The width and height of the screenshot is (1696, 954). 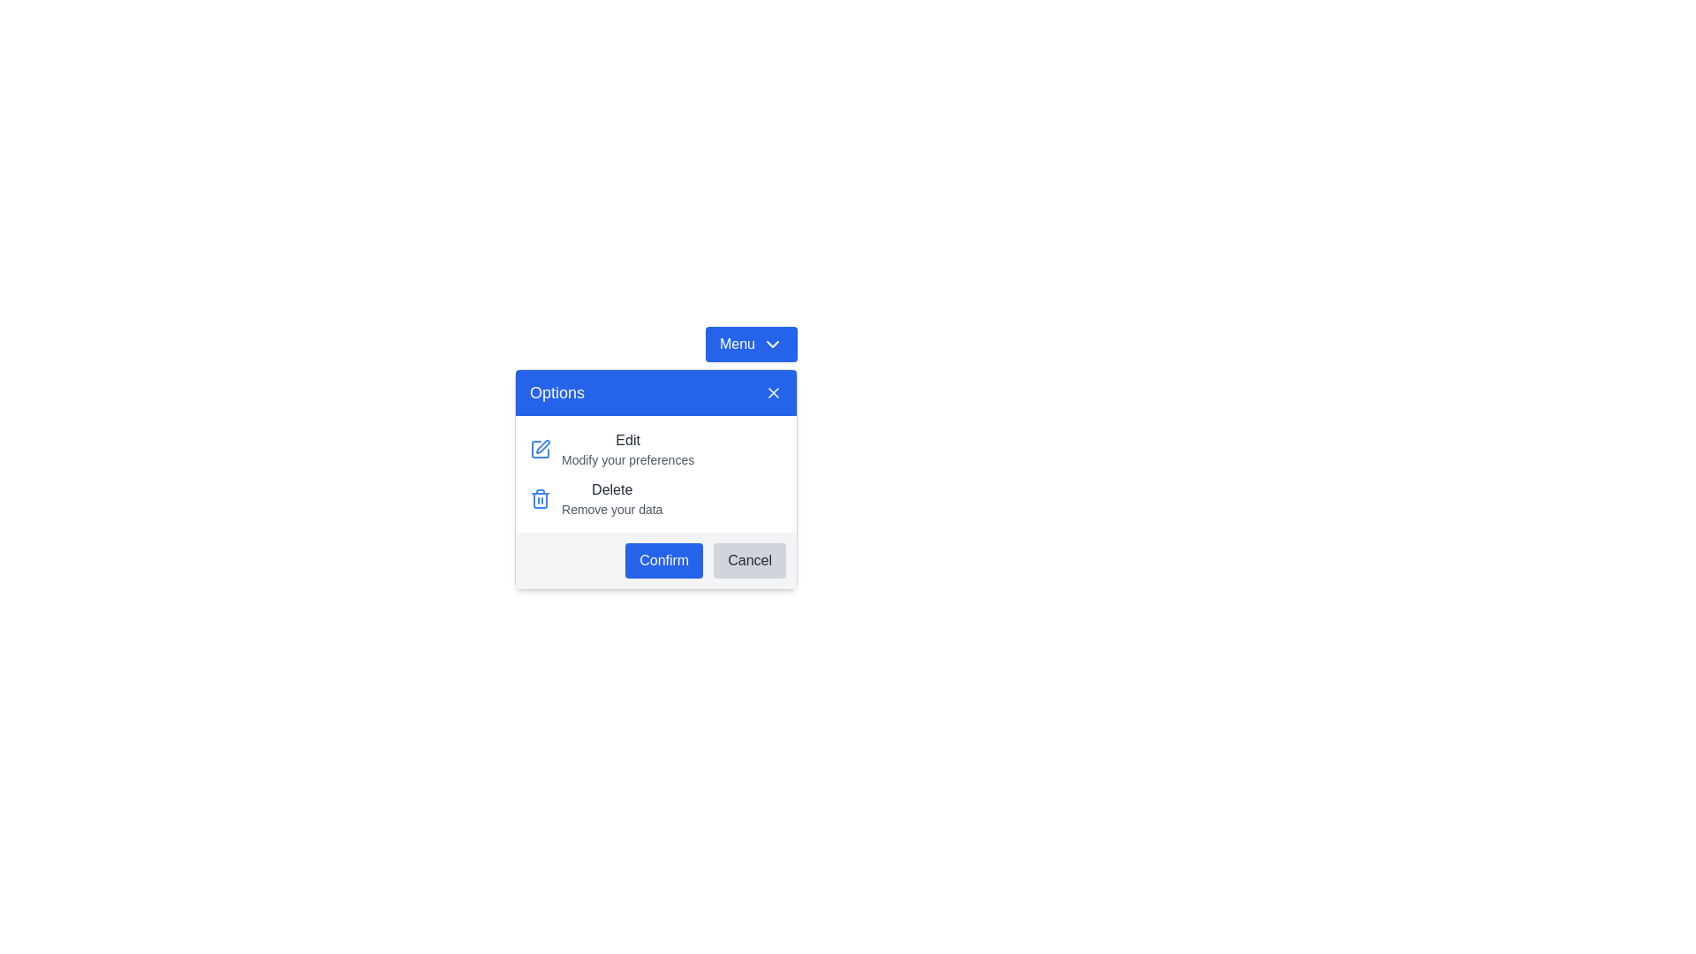 What do you see at coordinates (540, 449) in the screenshot?
I see `the edit icon located on the left side of the 'Edit' section in the 'Options' modal dialog` at bounding box center [540, 449].